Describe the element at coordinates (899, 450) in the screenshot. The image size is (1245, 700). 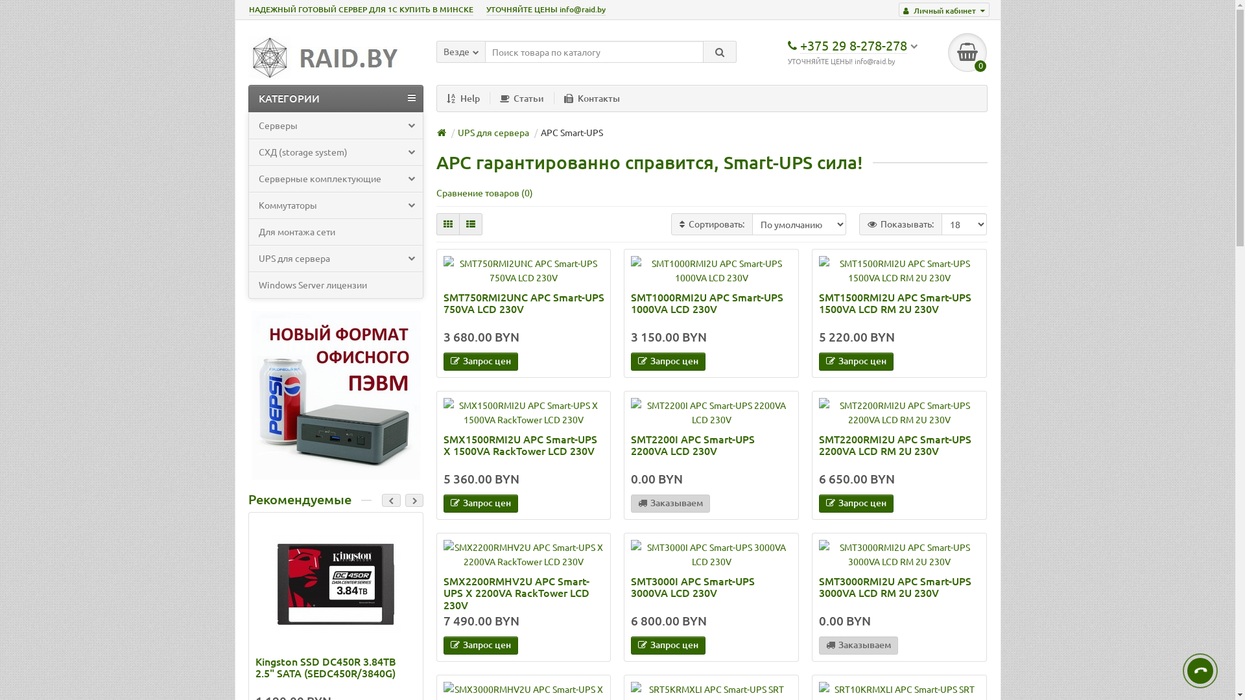
I see `'SMT2200RMI2U APC Smart-UPS 2200VA LCD RM 2U 230V'` at that location.